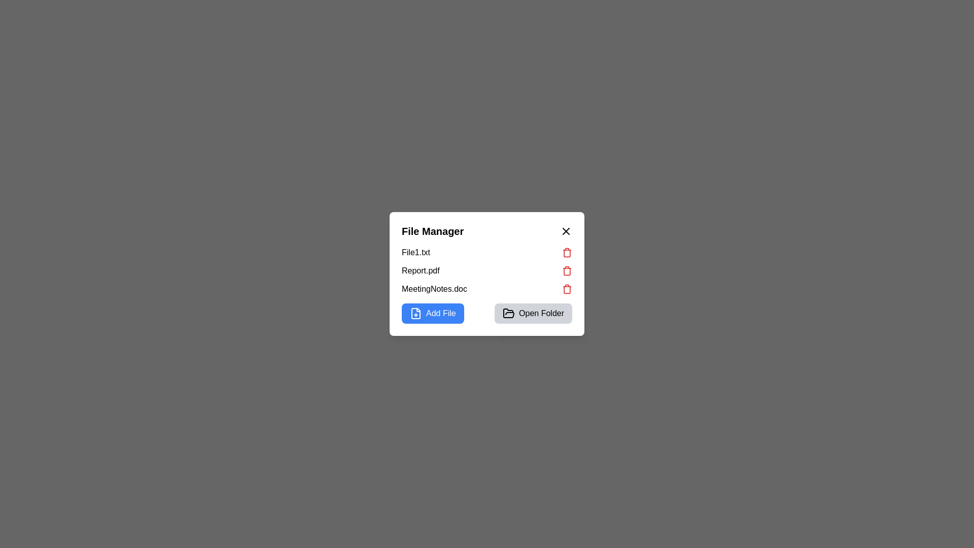 Image resolution: width=974 pixels, height=548 pixels. What do you see at coordinates (487, 270) in the screenshot?
I see `the delete button of the 'Report.pdf' file in the file manager, which is the second row in the list of file entries` at bounding box center [487, 270].